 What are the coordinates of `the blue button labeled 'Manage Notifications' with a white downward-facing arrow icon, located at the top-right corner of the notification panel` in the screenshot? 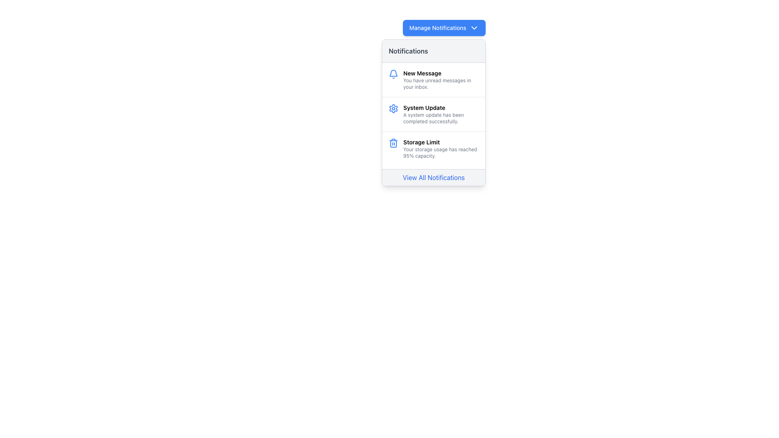 It's located at (443, 28).